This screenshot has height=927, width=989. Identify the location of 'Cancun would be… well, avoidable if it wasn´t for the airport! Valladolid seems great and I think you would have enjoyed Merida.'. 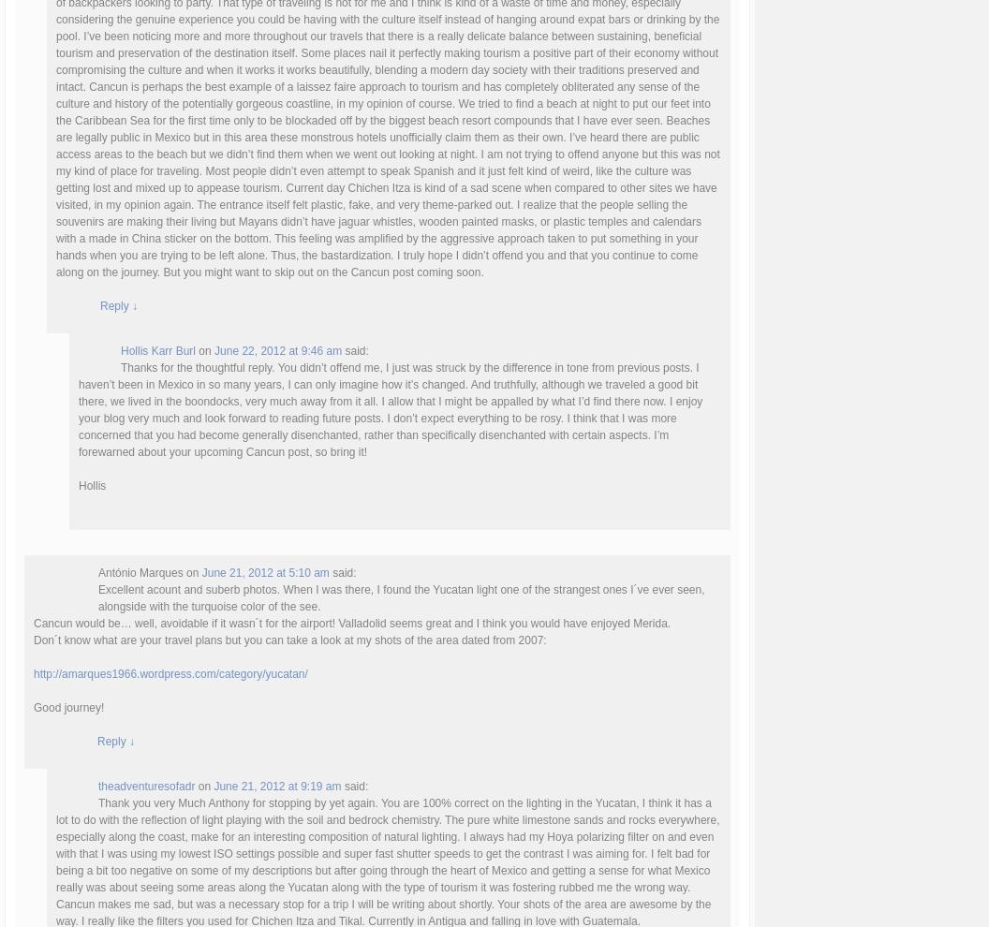
(351, 622).